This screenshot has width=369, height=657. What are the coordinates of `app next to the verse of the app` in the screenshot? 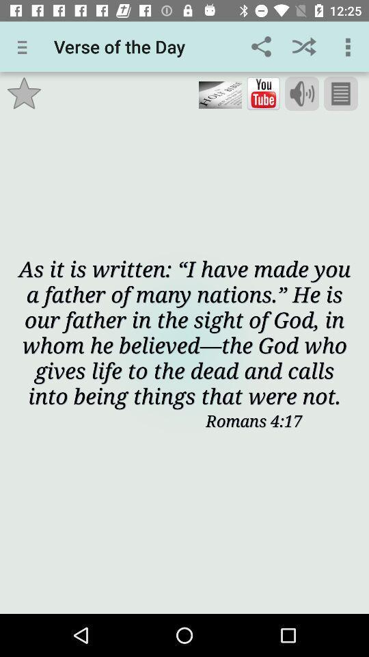 It's located at (25, 47).